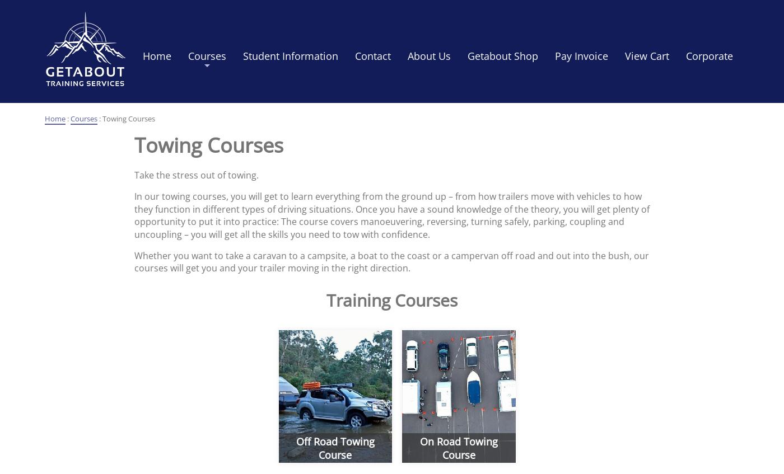 Image resolution: width=784 pixels, height=474 pixels. I want to click on 'Home', so click(55, 119).